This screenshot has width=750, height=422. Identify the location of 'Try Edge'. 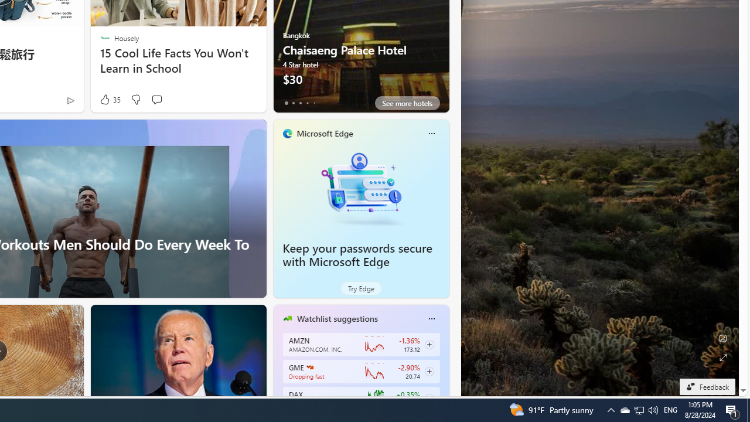
(360, 288).